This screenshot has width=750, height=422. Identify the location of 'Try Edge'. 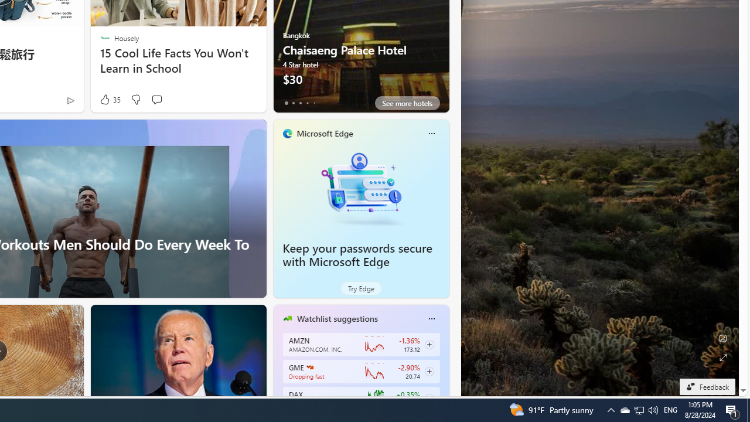
(360, 288).